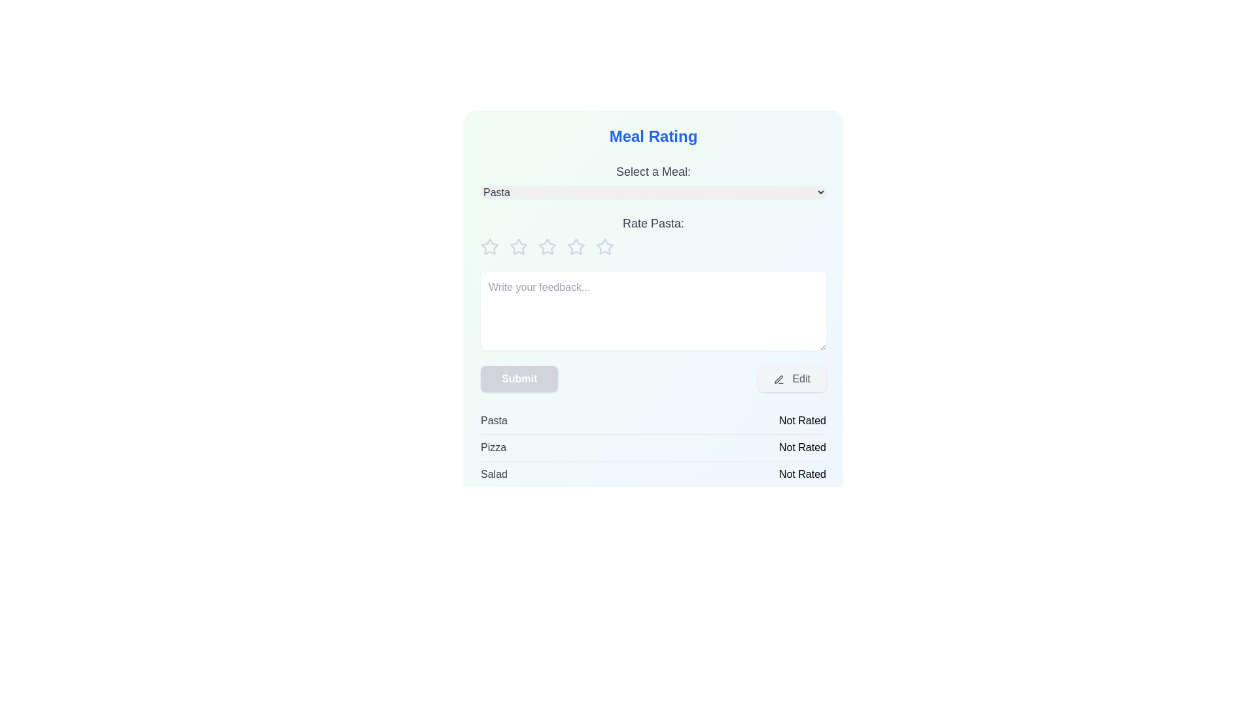 The height and width of the screenshot is (706, 1256). I want to click on the dropdown menu labeled 'Meal Rating', so click(653, 180).